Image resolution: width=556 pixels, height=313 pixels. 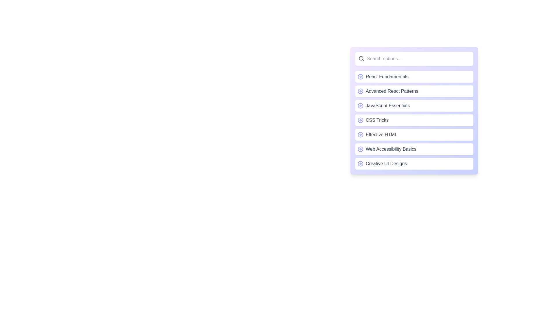 I want to click on the fourth item in the vertical list representing 'CSS Tricks', so click(x=414, y=120).